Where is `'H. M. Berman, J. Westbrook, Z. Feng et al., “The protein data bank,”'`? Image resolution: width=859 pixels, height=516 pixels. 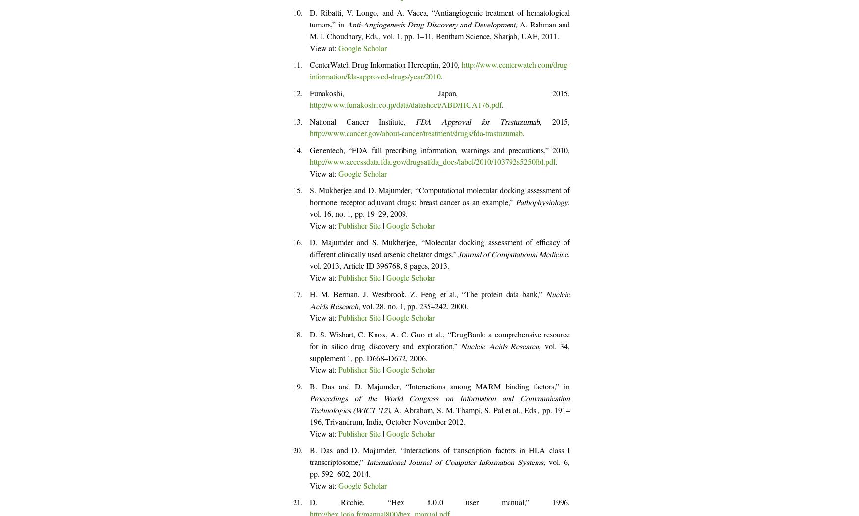
'H. M. Berman, J. Westbrook, Z. Feng et al., “The protein data bank,”' is located at coordinates (428, 295).